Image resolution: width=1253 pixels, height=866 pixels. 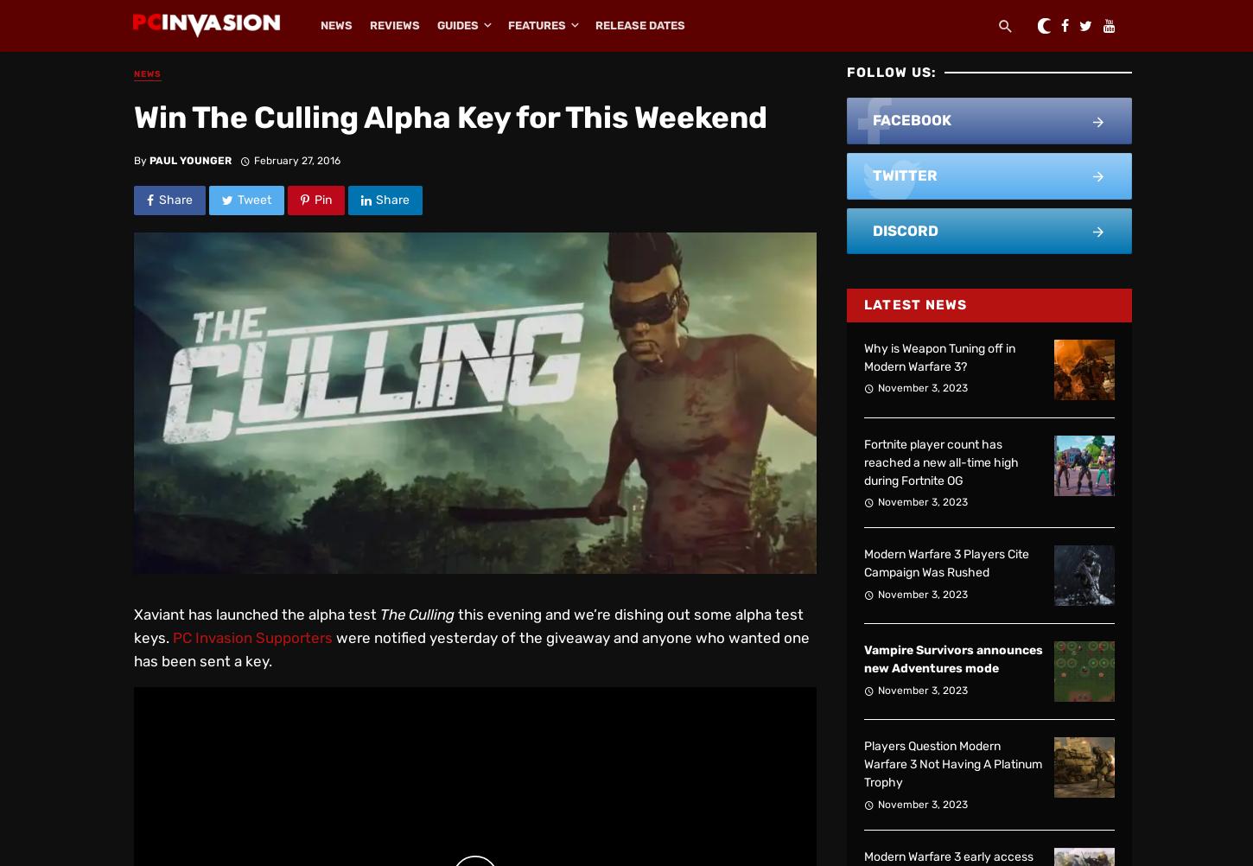 What do you see at coordinates (178, 738) in the screenshot?
I see `'1.6M'` at bounding box center [178, 738].